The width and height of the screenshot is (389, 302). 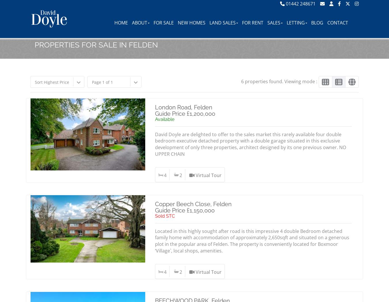 I want to click on 'About', so click(x=139, y=22).